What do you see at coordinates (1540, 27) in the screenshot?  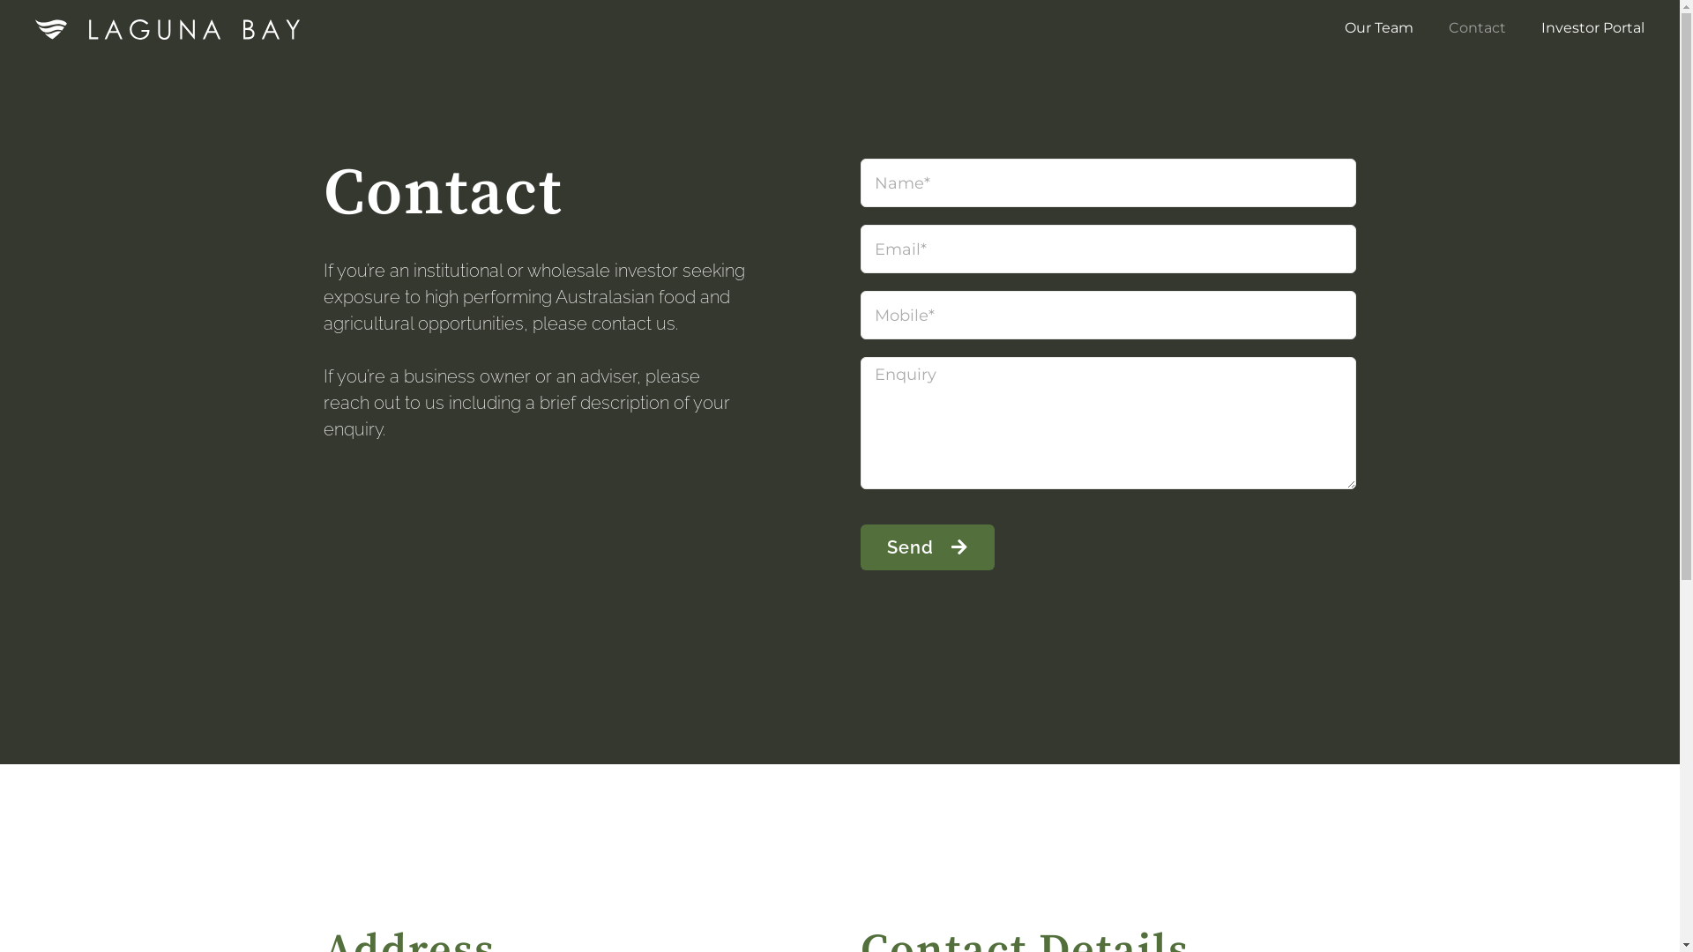 I see `'Investor Portal'` at bounding box center [1540, 27].